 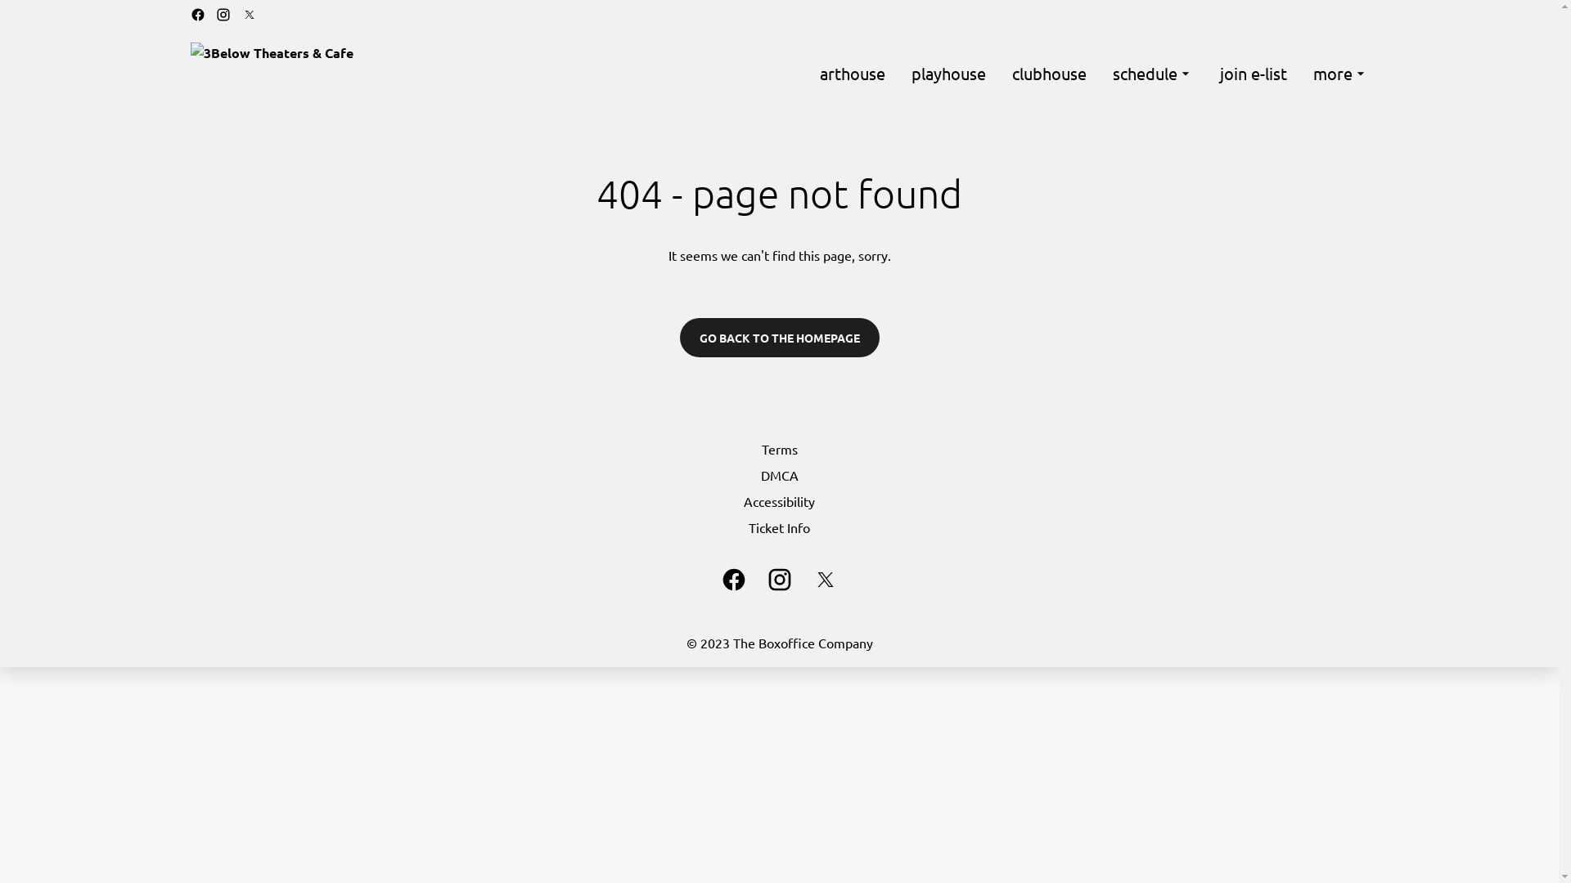 What do you see at coordinates (1152, 72) in the screenshot?
I see `'schedule'` at bounding box center [1152, 72].